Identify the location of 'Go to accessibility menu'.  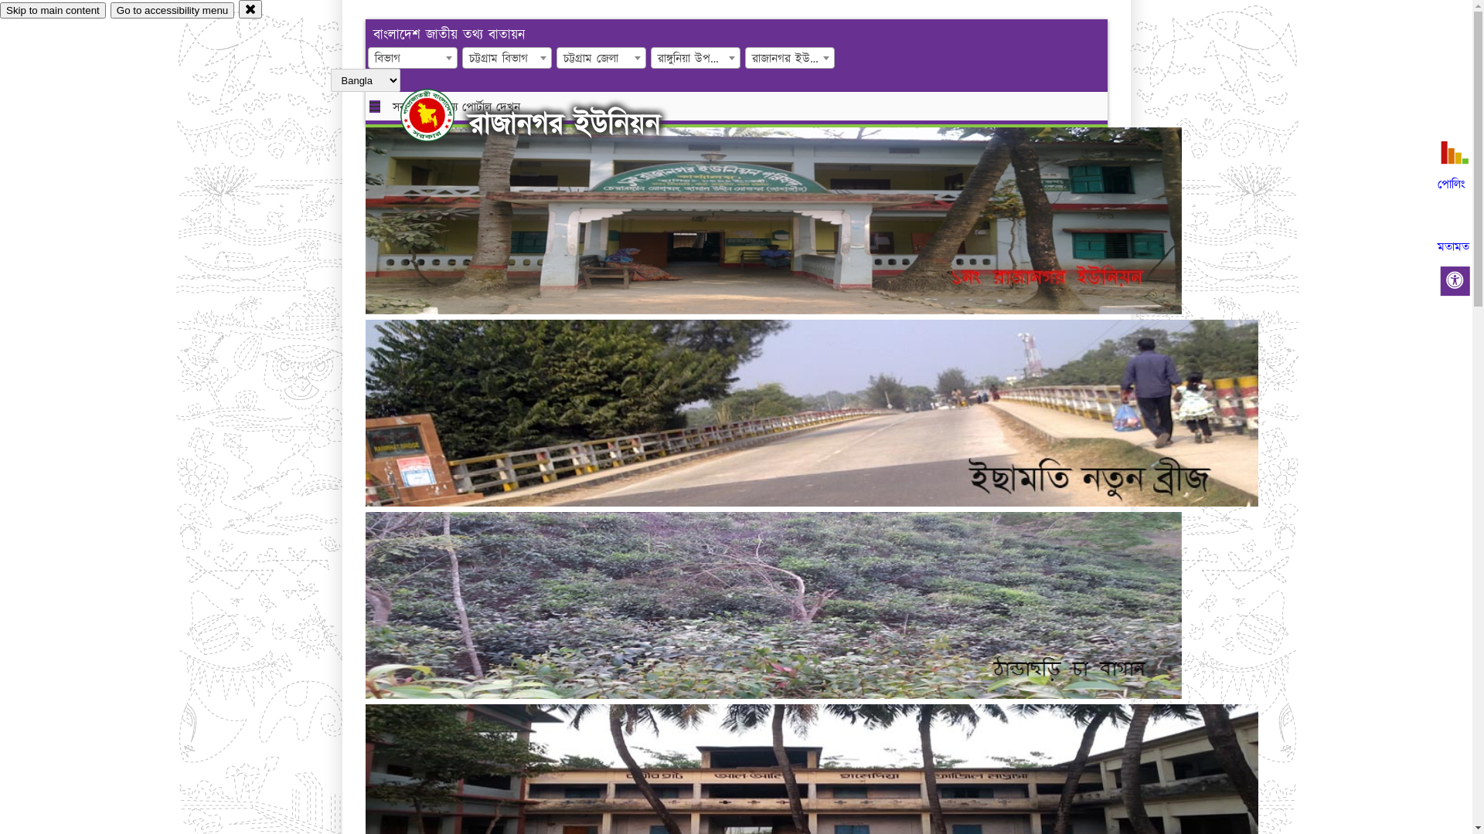
(172, 10).